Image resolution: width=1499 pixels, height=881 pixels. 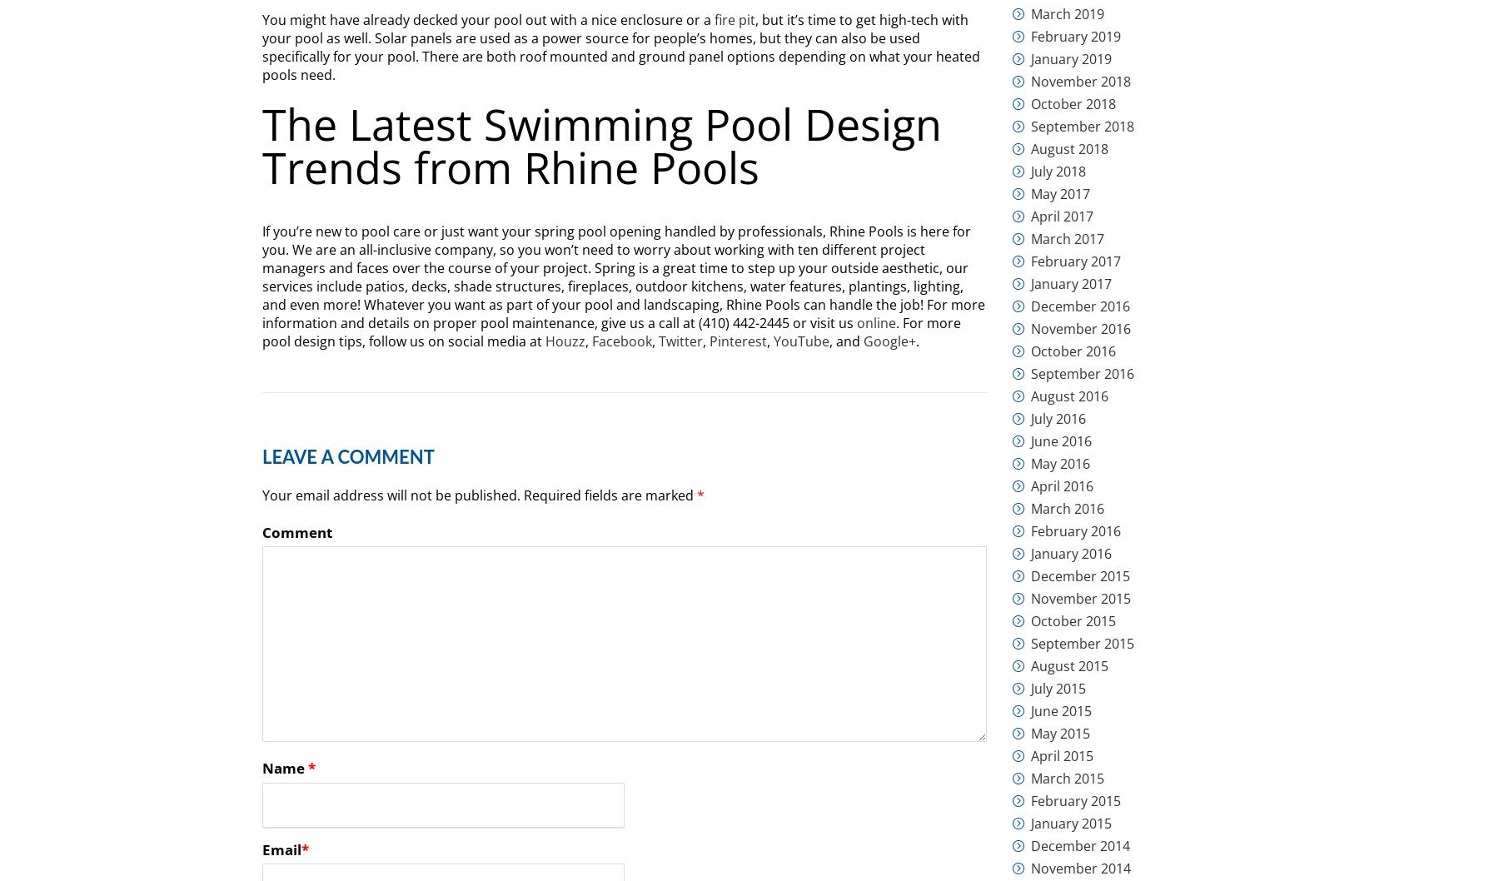 I want to click on 'March 2015', so click(x=1031, y=778).